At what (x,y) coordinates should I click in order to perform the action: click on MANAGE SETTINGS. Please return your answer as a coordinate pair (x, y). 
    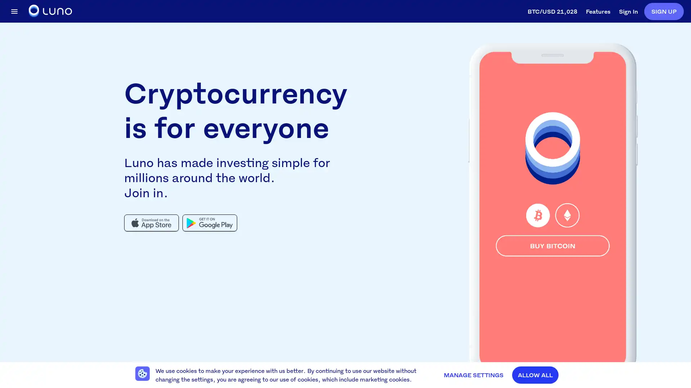
    Looking at the image, I should click on (473, 375).